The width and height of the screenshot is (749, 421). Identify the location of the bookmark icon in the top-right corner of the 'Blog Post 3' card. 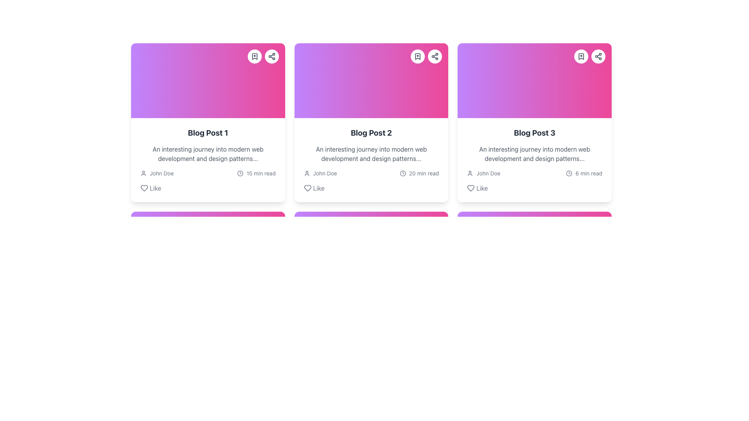
(590, 56).